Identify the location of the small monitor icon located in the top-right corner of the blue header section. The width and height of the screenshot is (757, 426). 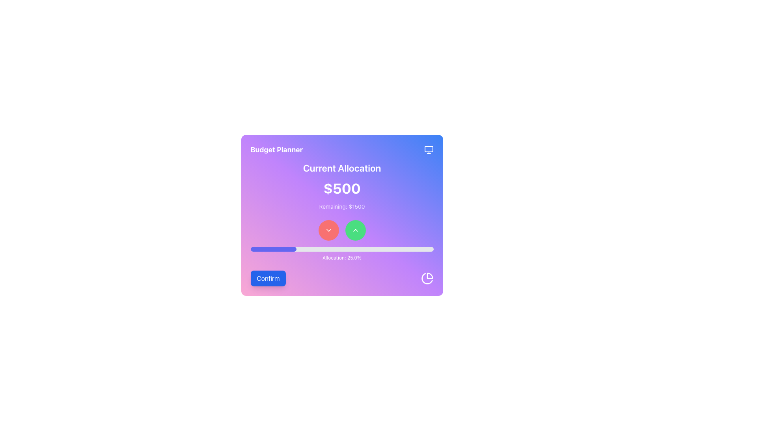
(428, 150).